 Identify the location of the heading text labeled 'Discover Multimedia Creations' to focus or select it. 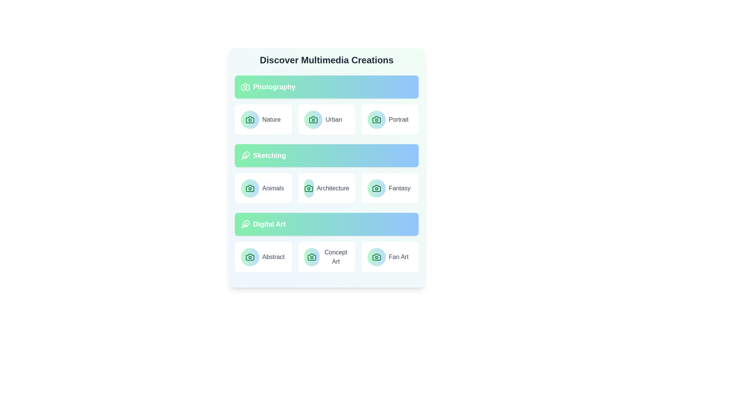
(327, 60).